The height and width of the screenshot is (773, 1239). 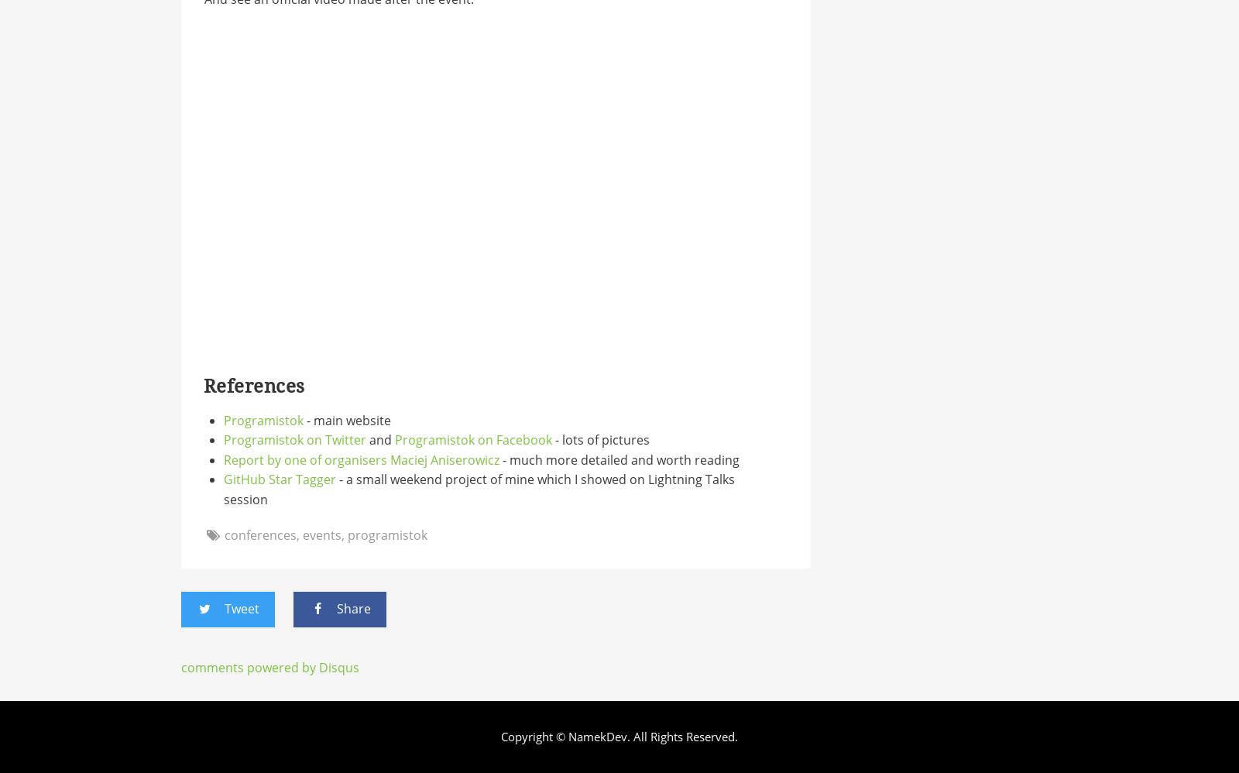 What do you see at coordinates (478, 489) in the screenshot?
I see `'- a small weekend project of mine which I showed on Lightning Talks session'` at bounding box center [478, 489].